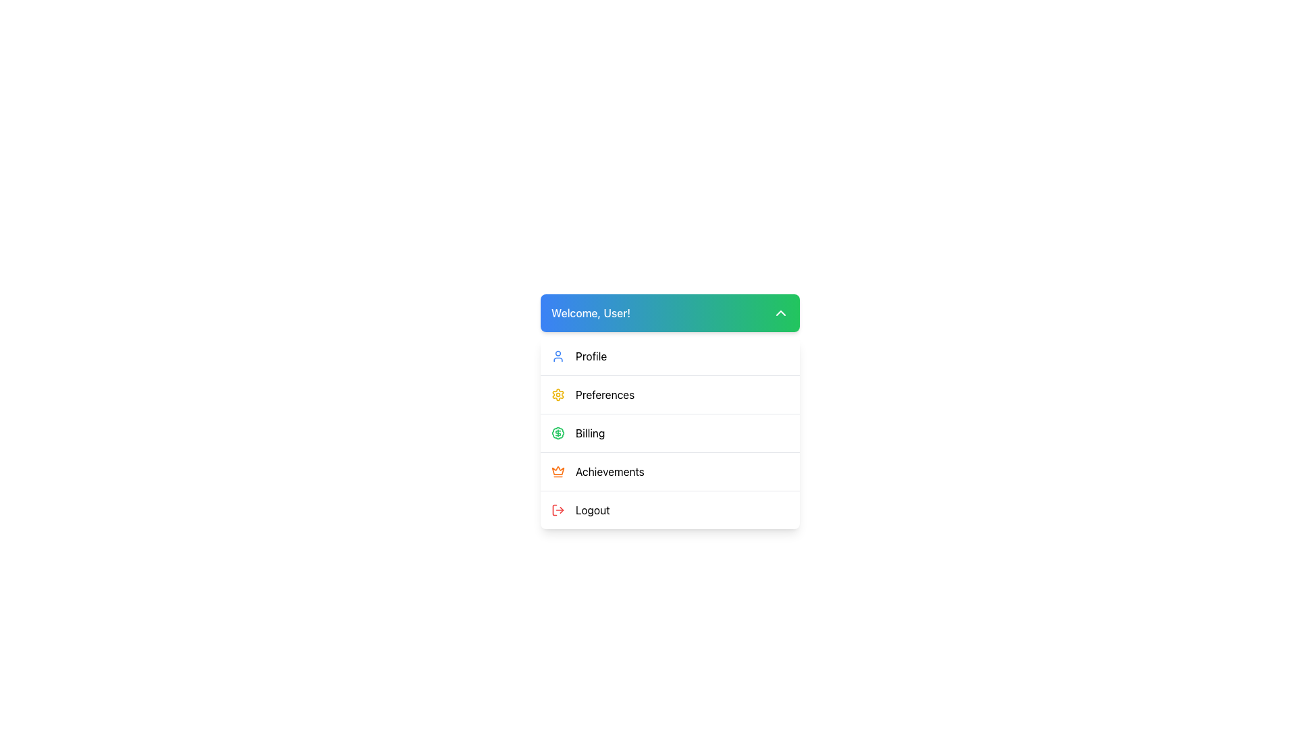 The height and width of the screenshot is (729, 1296). I want to click on the downward-facing chevron icon with a green background and white lines, located next to the text 'Welcome, User!', so click(780, 313).